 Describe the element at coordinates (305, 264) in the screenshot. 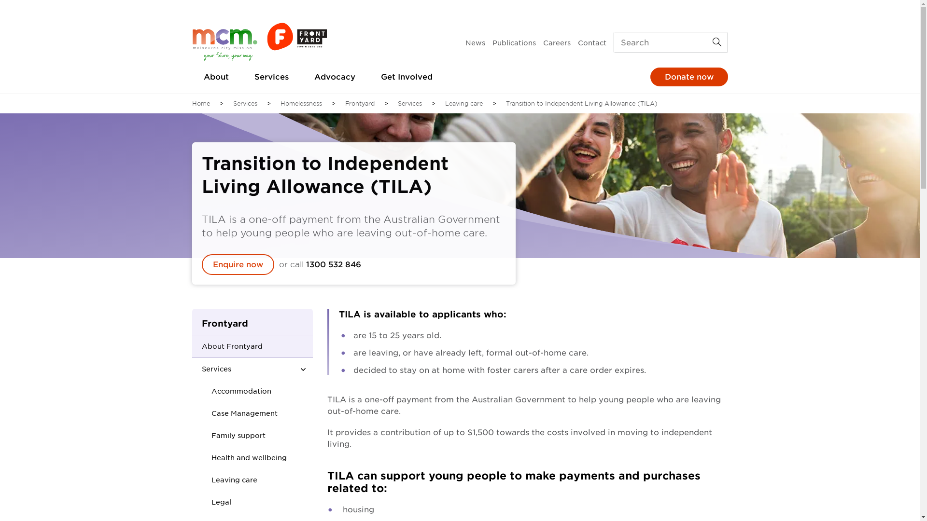

I see `'1300 532 846'` at that location.